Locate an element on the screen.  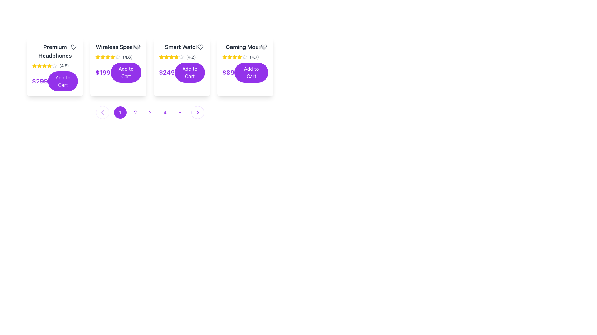
the fifth unselected rating star icon for 'Premium Headphones', which visually indicates a lower or incomplete rating is located at coordinates (54, 66).